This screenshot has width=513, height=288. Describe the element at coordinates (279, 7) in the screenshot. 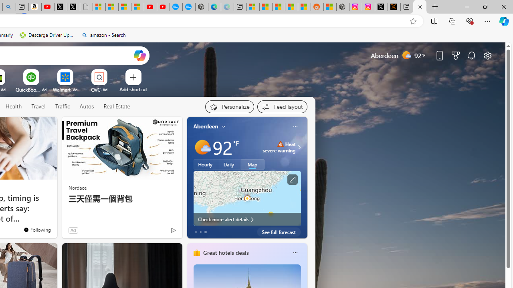

I see `'Shanghai, China hourly forecast | Microsoft Weather'` at that location.